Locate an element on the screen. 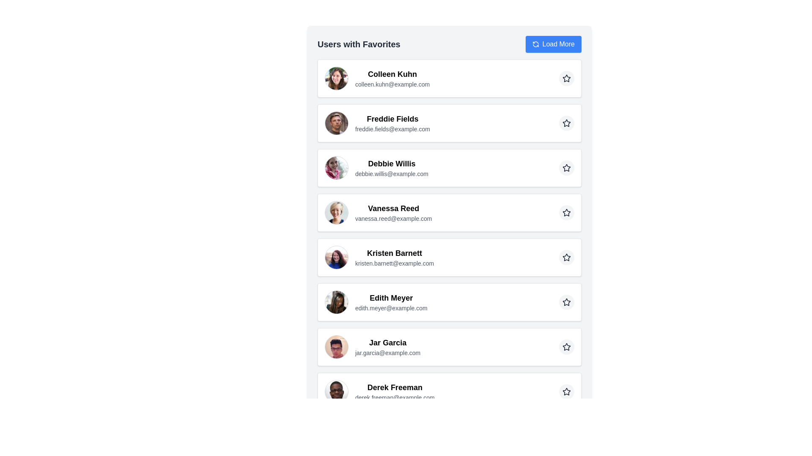 The image size is (812, 456). the star icon button to the right of the user 'Debbie Willis' to unmark them as a favorite is located at coordinates (566, 168).